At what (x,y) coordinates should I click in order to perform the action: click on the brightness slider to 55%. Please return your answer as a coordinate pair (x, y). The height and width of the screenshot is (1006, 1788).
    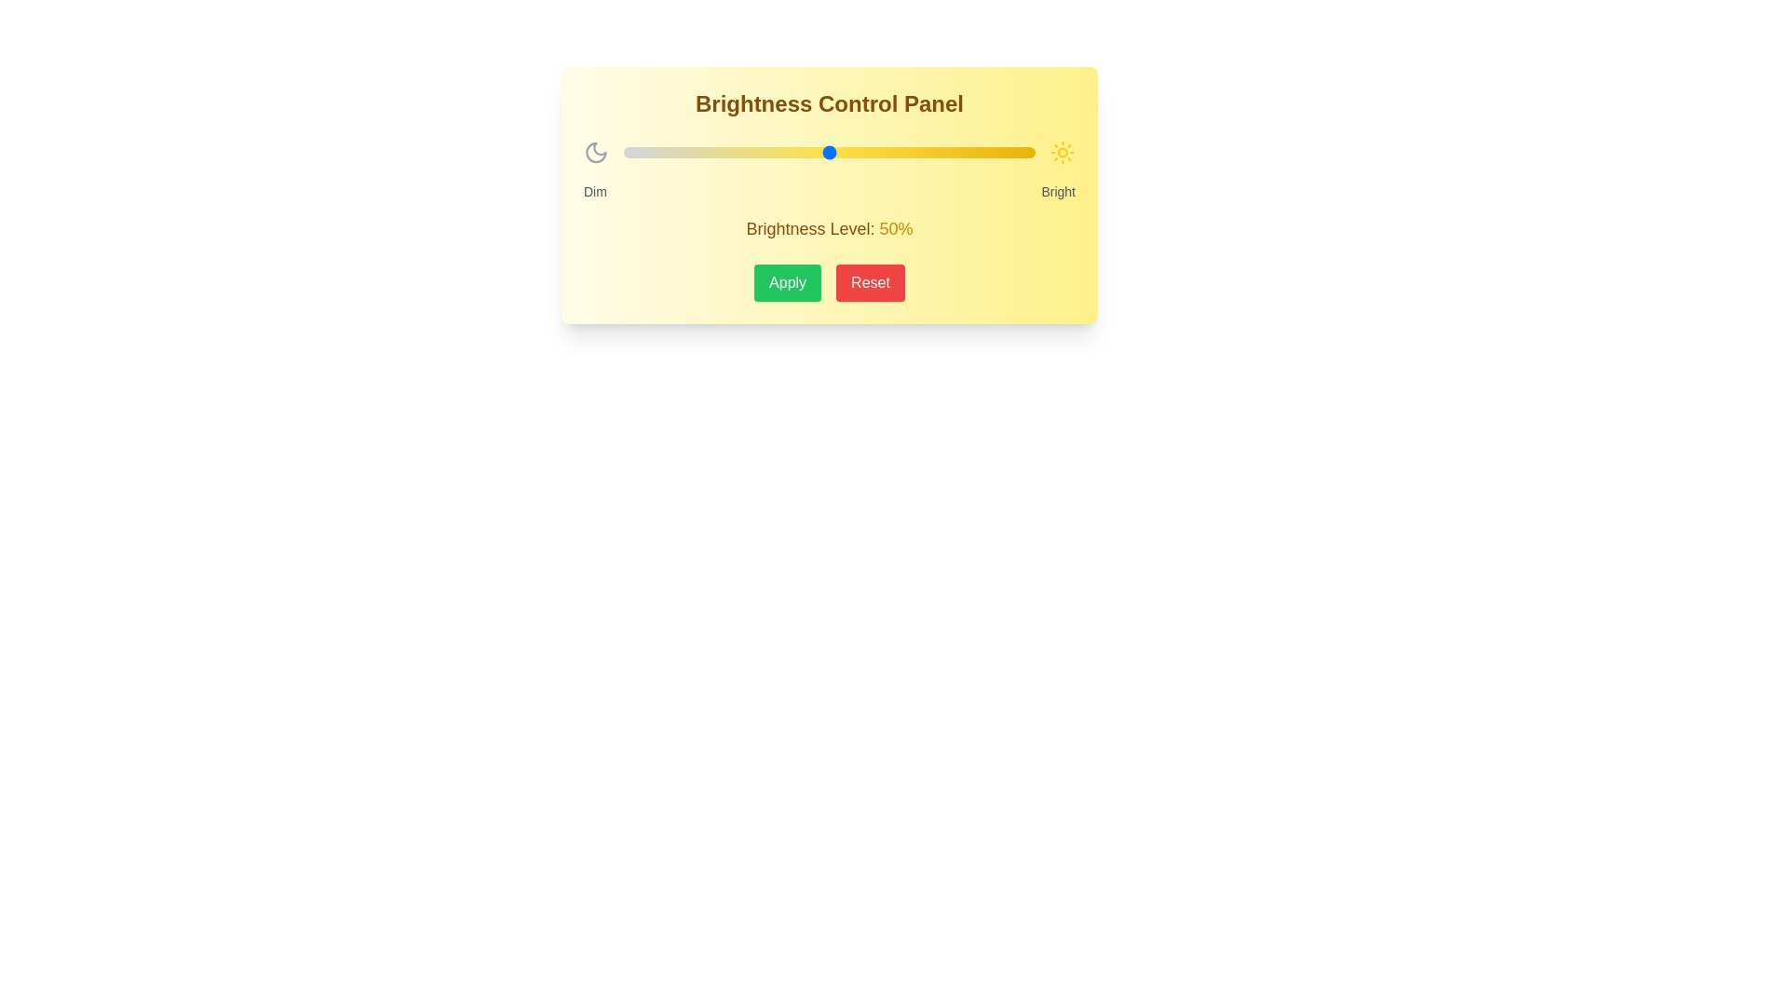
    Looking at the image, I should click on (849, 152).